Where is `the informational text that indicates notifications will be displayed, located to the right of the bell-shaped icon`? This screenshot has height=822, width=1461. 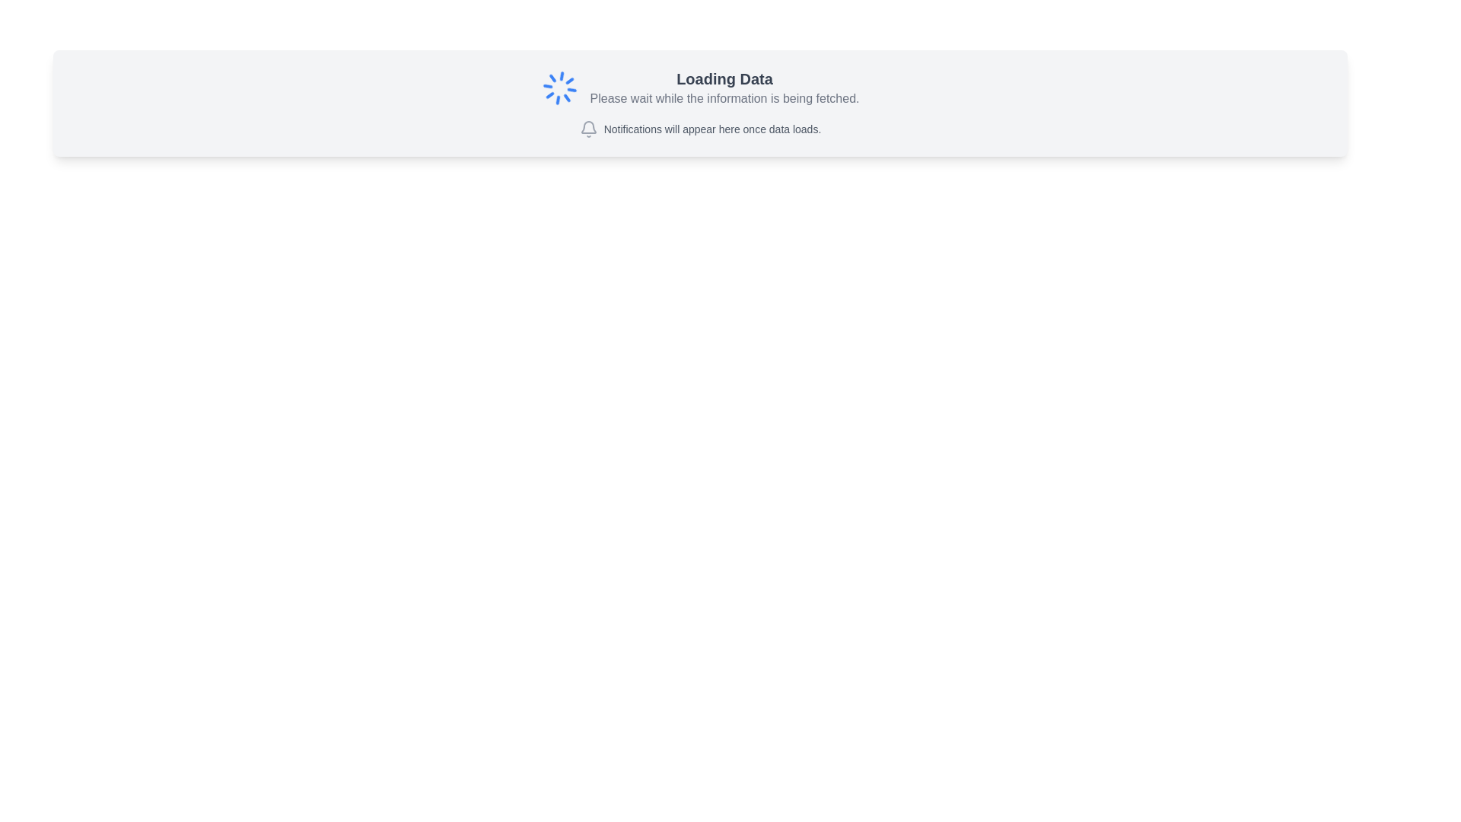
the informational text that indicates notifications will be displayed, located to the right of the bell-shaped icon is located at coordinates (711, 128).